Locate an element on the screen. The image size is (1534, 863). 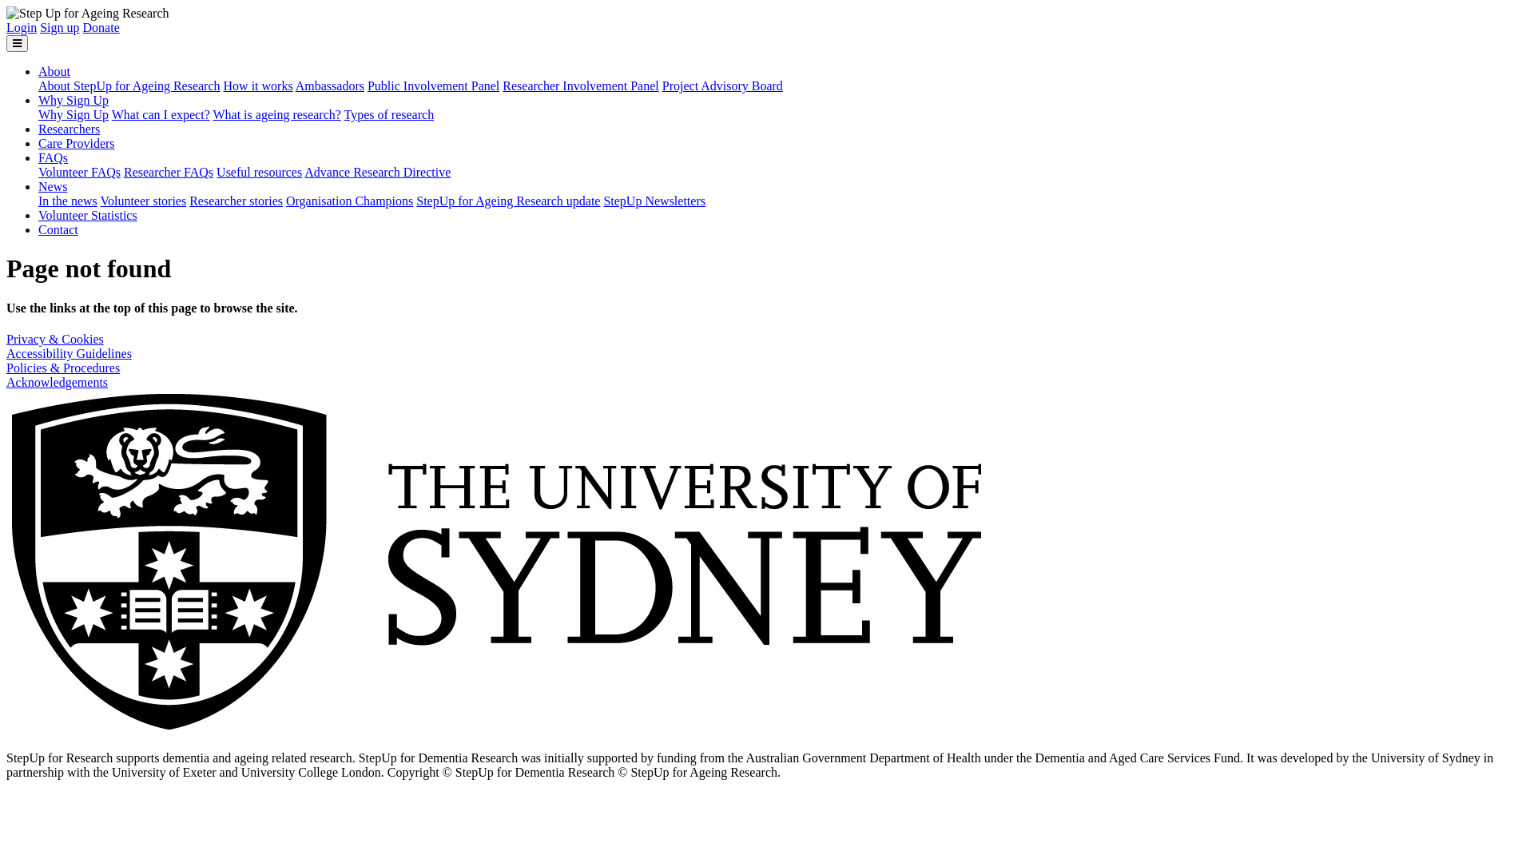
'StepUp Newsletters' is located at coordinates (654, 200).